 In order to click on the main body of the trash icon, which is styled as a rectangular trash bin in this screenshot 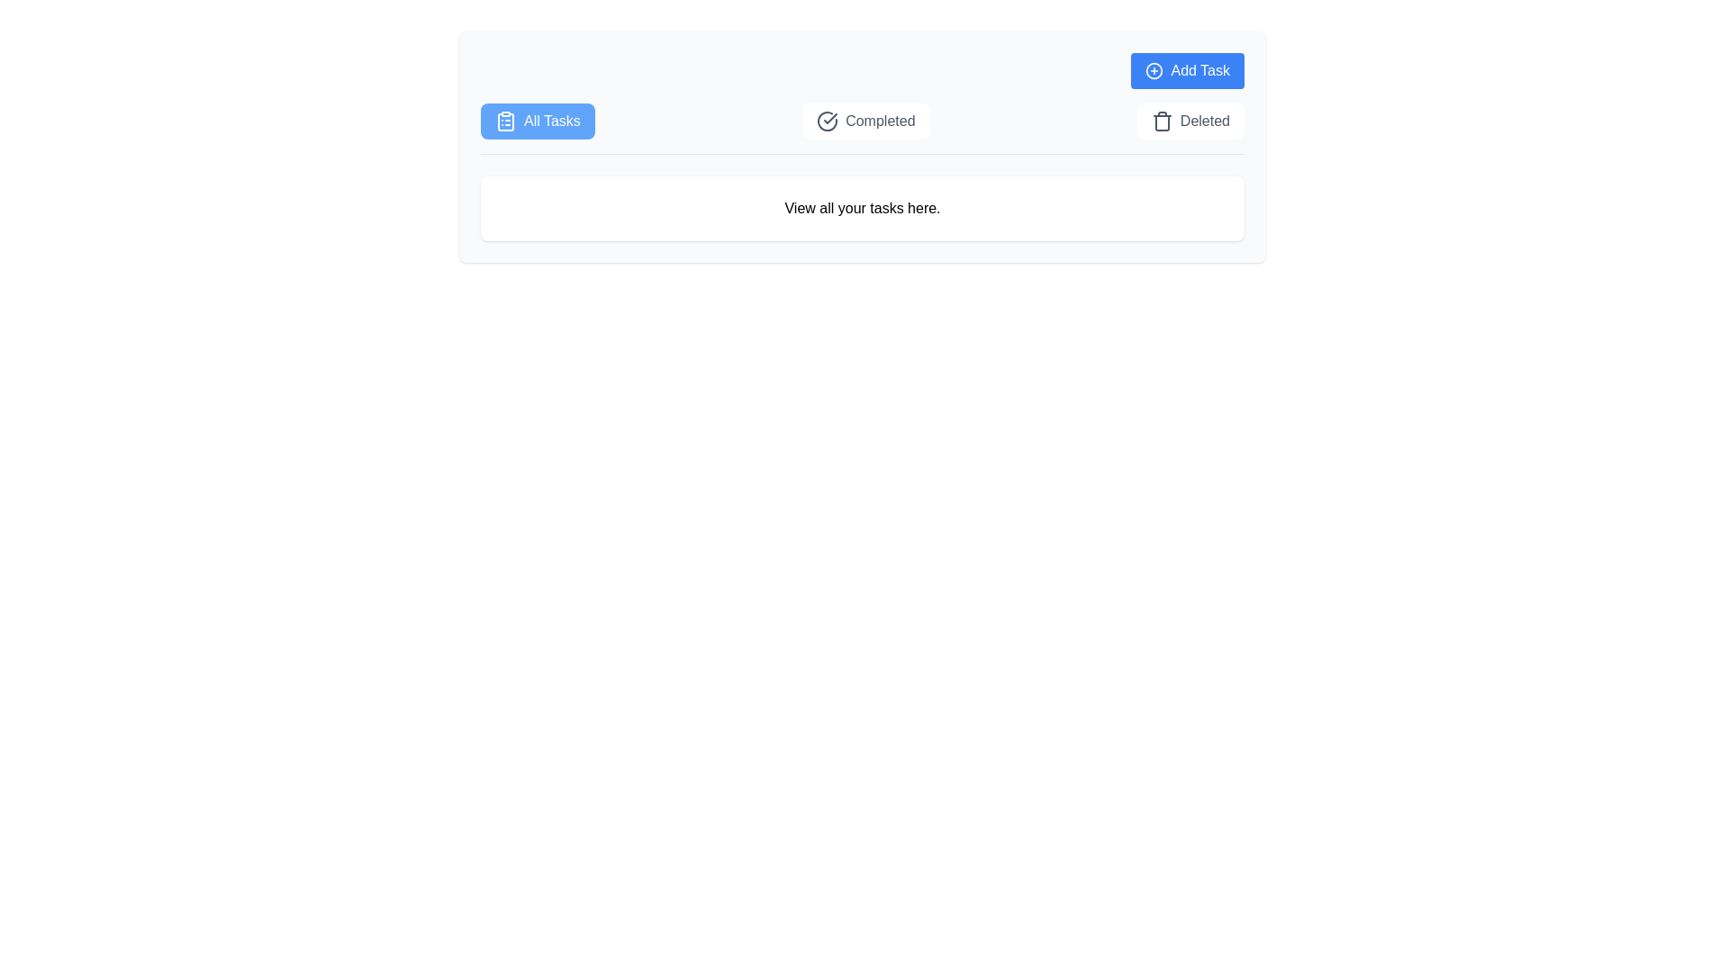, I will do `click(1162, 122)`.